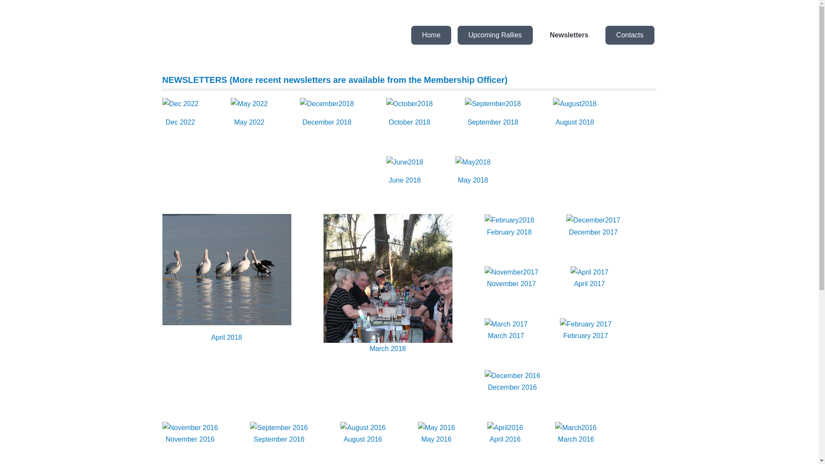  What do you see at coordinates (457, 180) in the screenshot?
I see `'May 2018'` at bounding box center [457, 180].